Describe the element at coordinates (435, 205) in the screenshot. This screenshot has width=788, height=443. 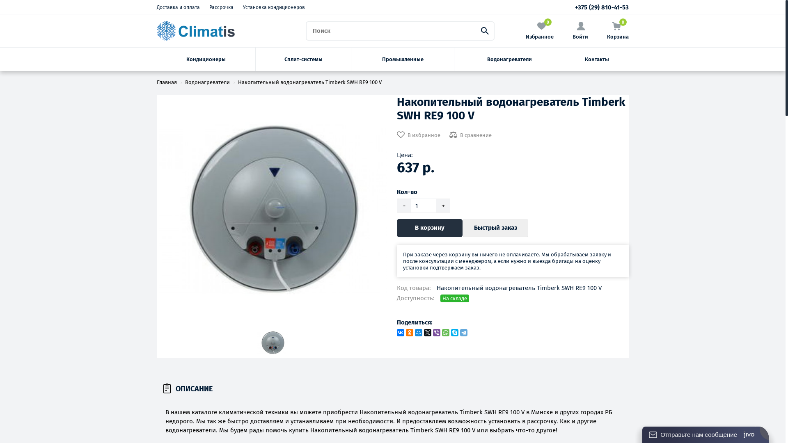
I see `'+'` at that location.